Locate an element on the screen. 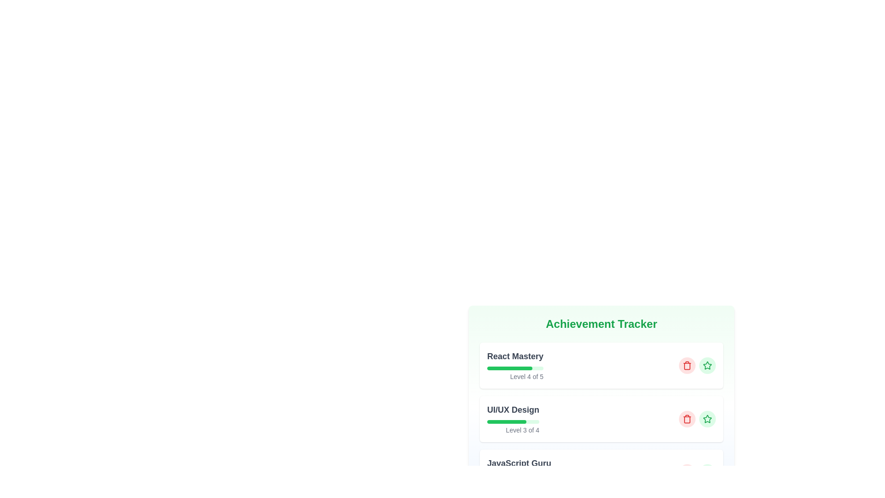  the vertical body of the trash can icon in the top-right of the 'React Mastery' section, which signifies delete or remove functionality is located at coordinates (687, 420).